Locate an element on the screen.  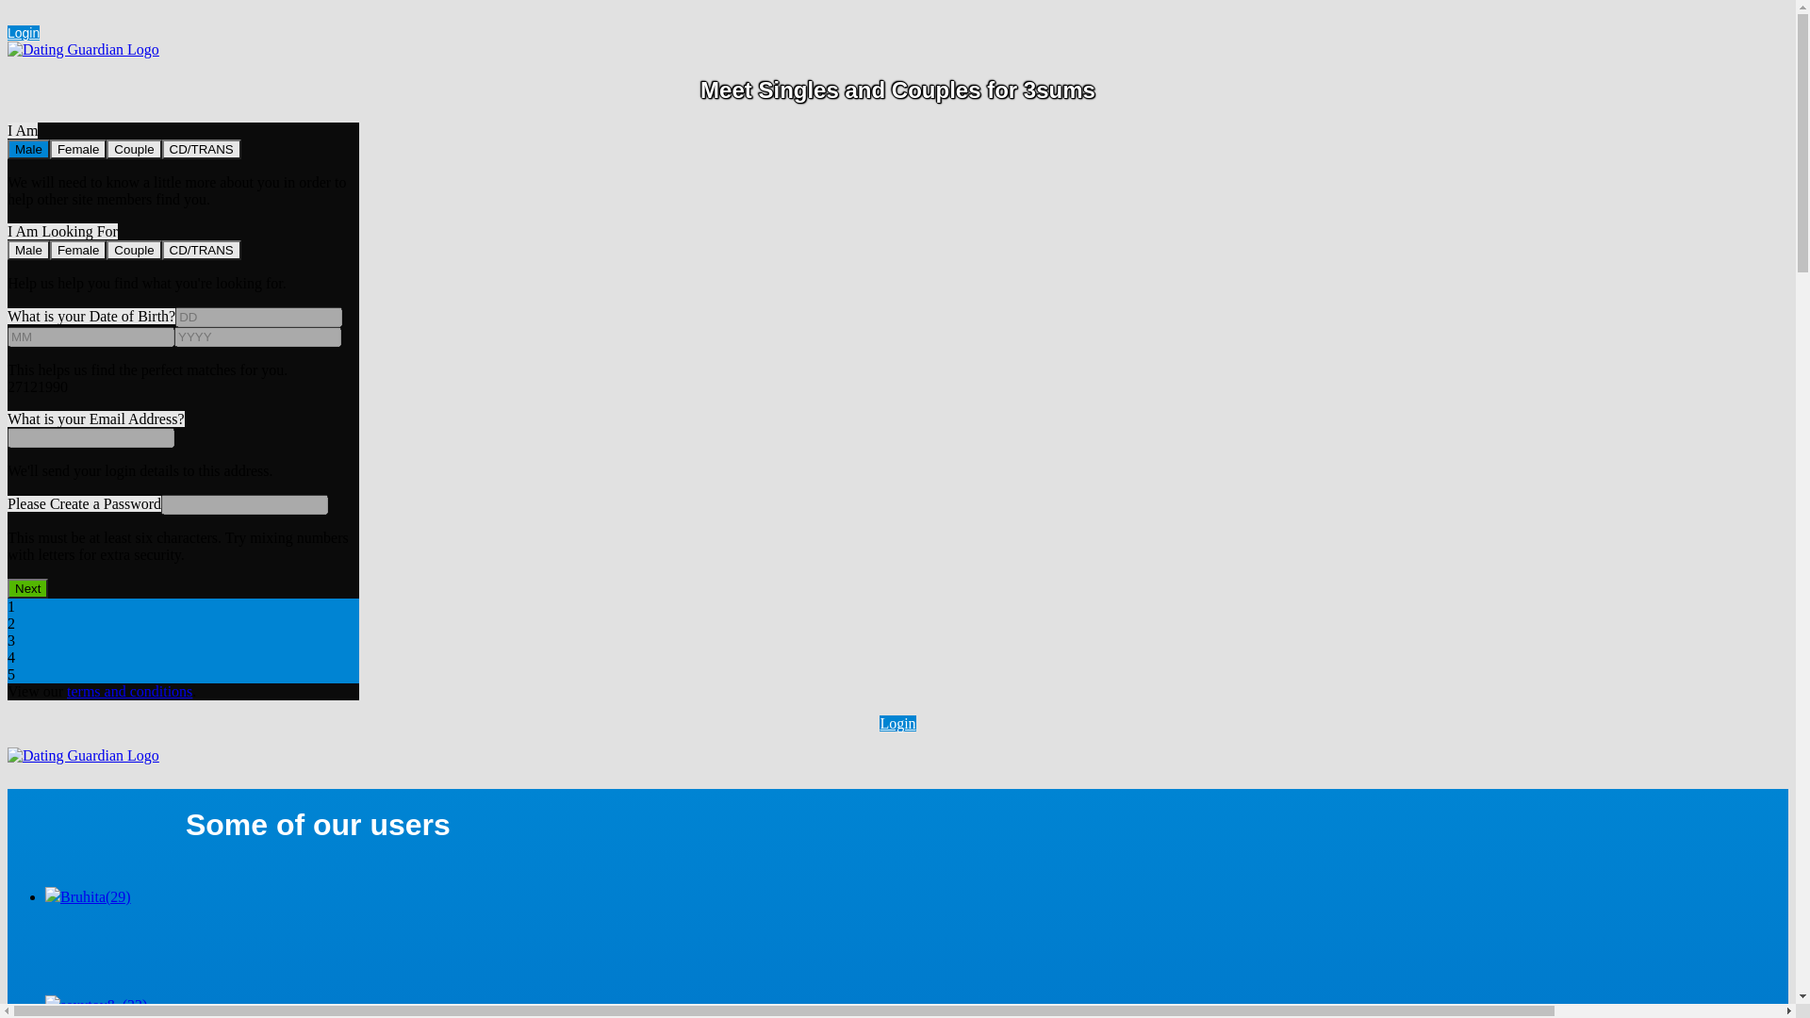
'Couple' is located at coordinates (133, 249).